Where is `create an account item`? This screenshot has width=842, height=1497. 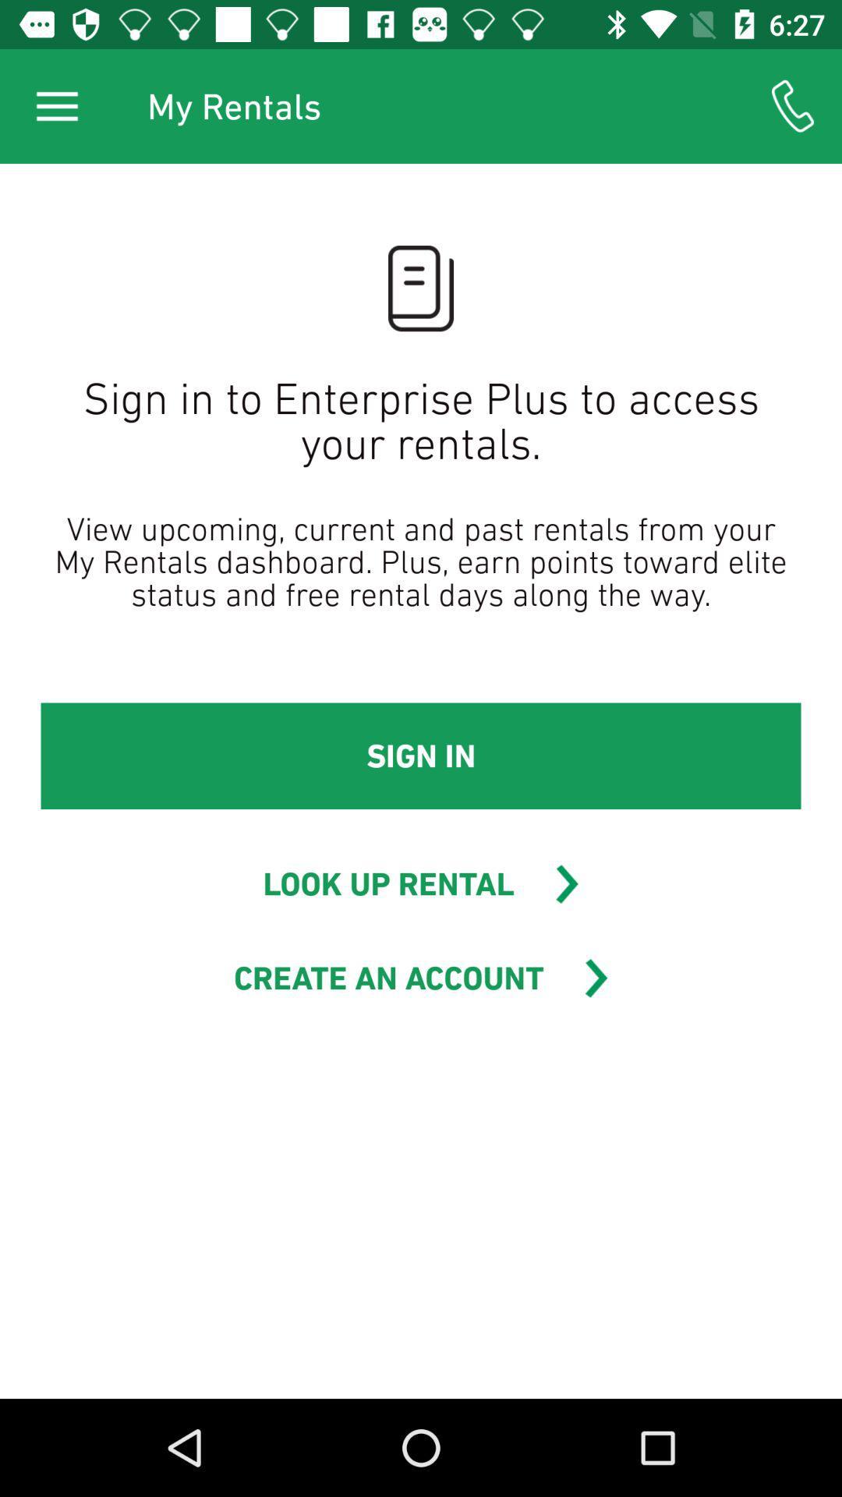 create an account item is located at coordinates (387, 977).